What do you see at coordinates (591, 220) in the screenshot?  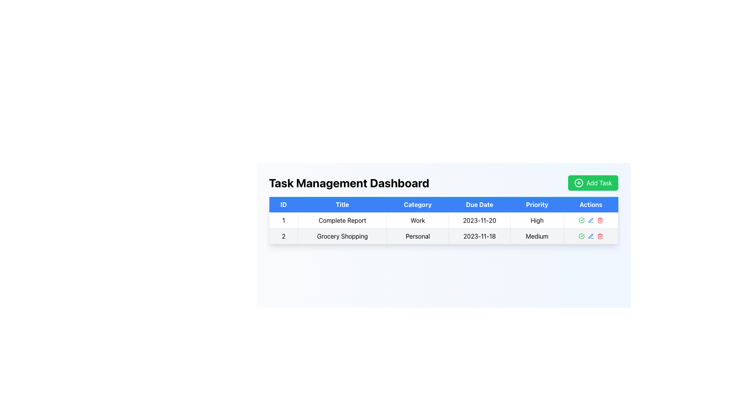 I see `the small blue pen icon in the action panel for task management to trigger the color change effect` at bounding box center [591, 220].